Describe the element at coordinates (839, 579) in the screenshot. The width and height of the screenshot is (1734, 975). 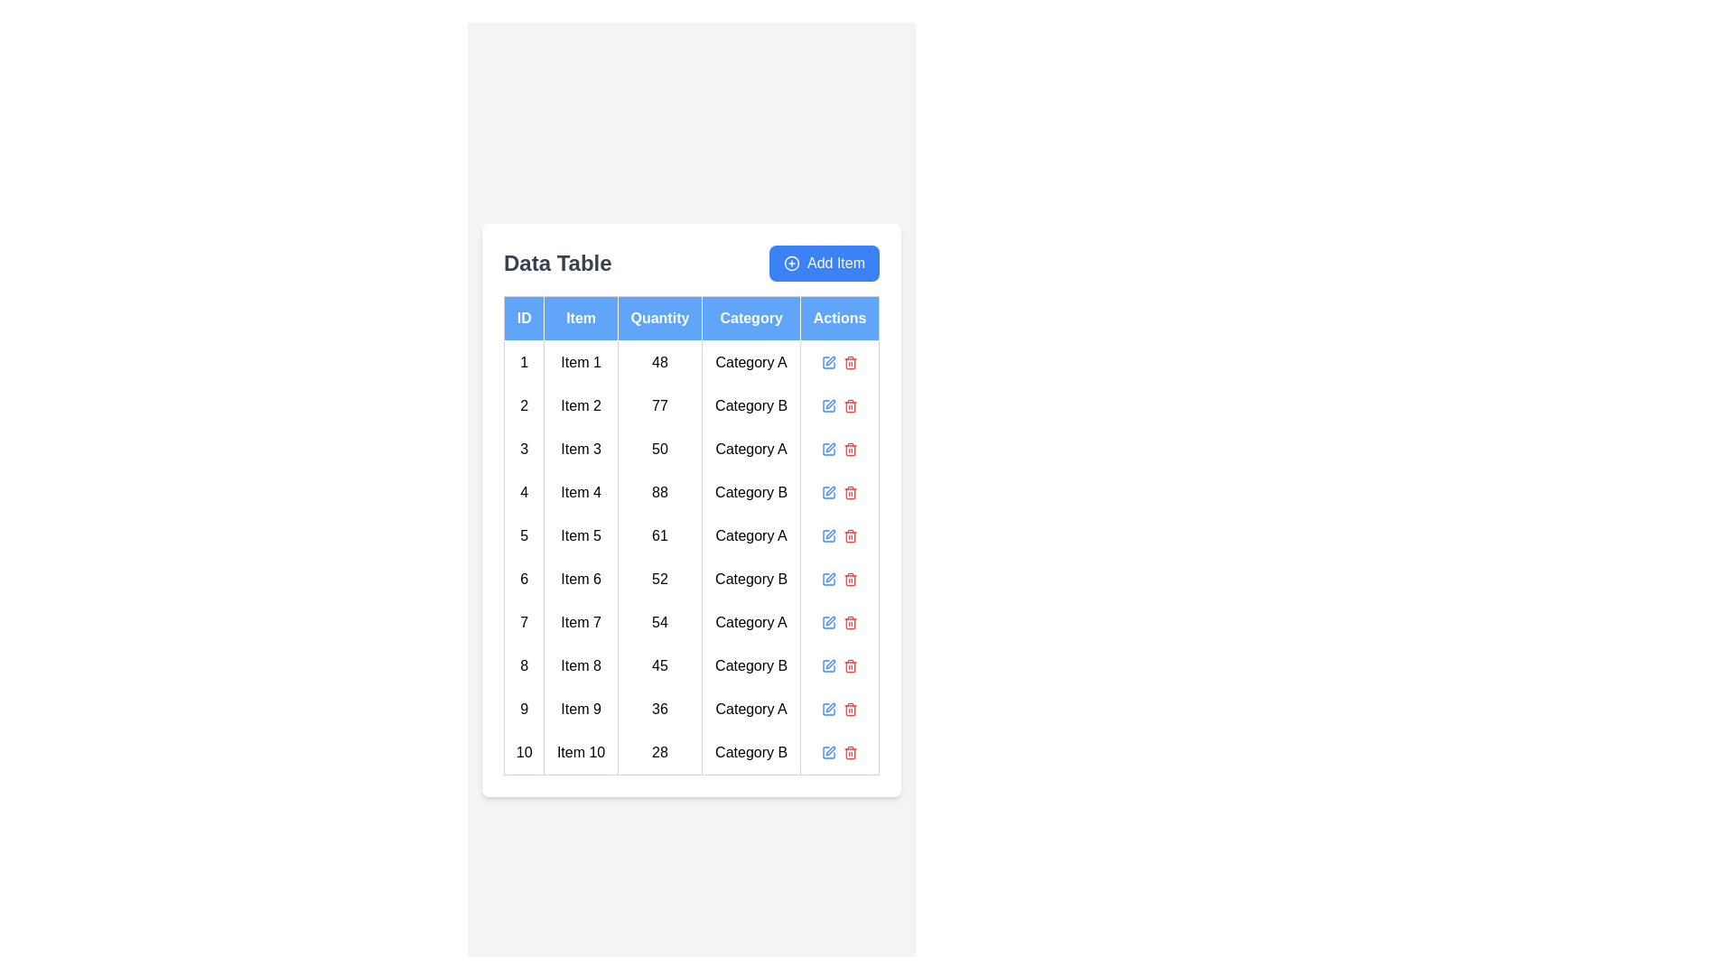
I see `the blue pencil icon in the Actions column of the data table for Item 6` at that location.